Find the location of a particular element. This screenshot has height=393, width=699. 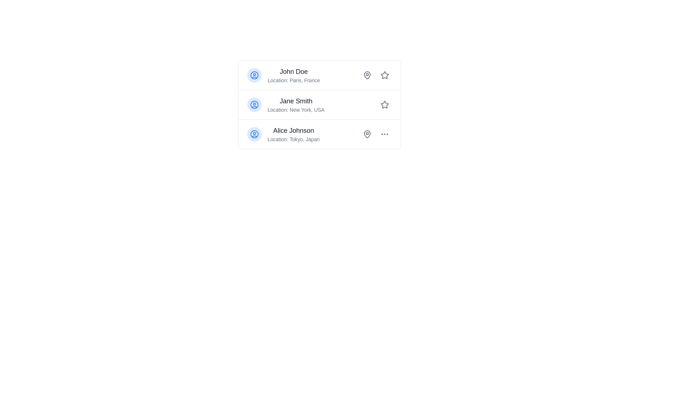

the interactive pin icon located on the right side of the row labeled 'John Doe, Location: Paris, France' is located at coordinates (367, 75).